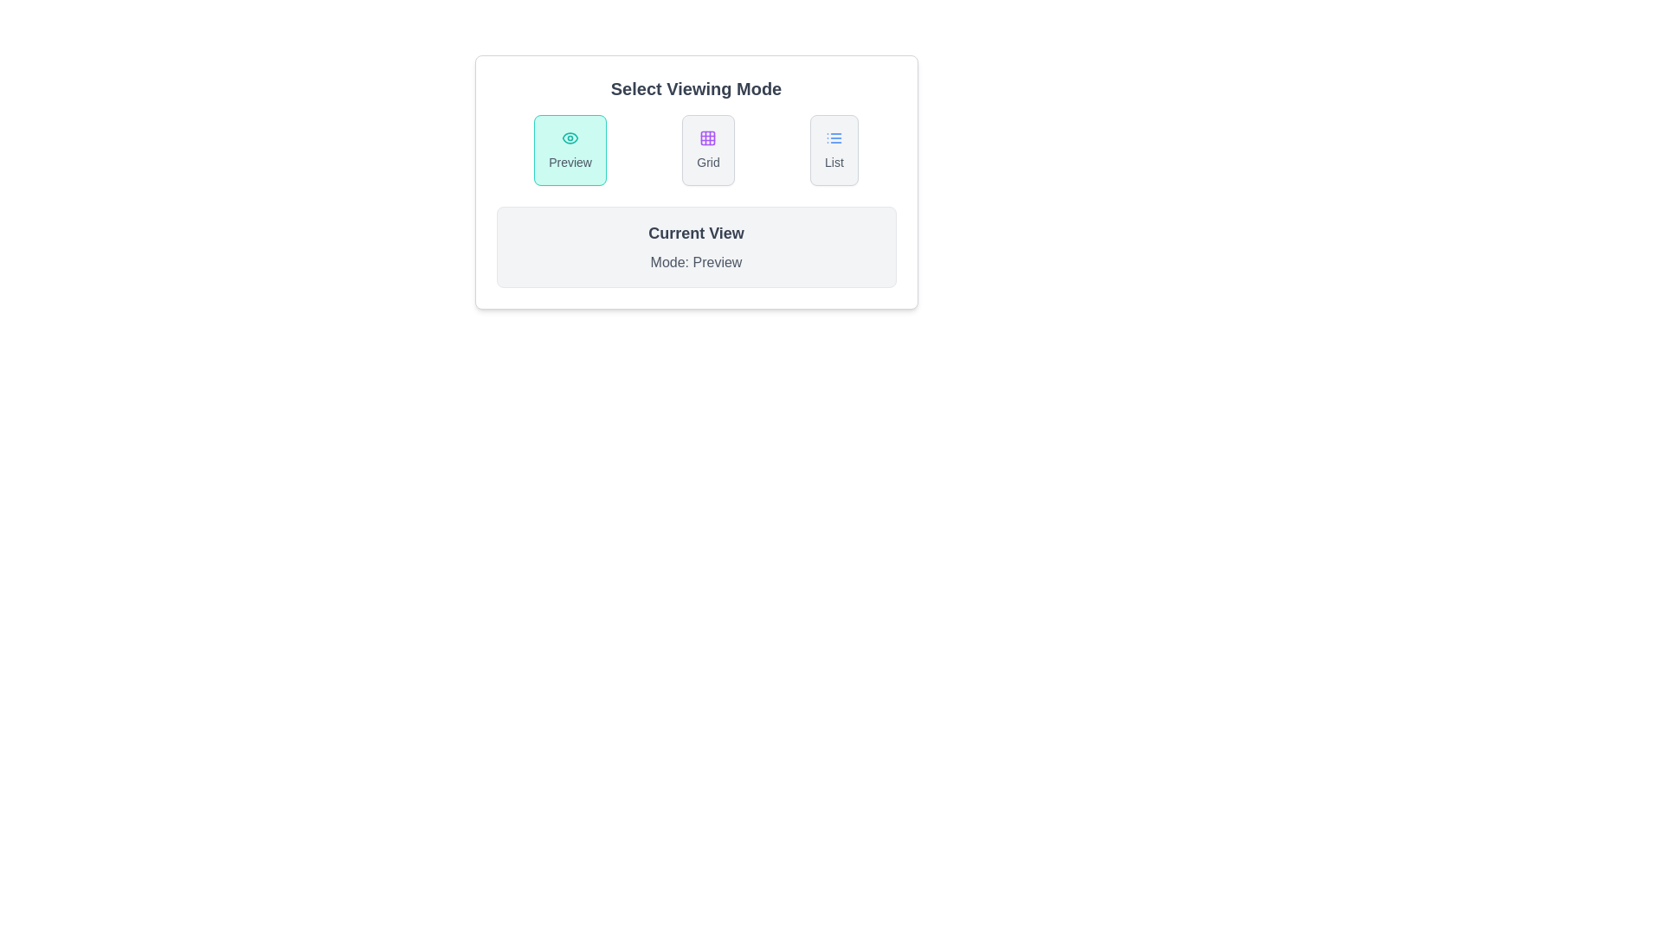 The image size is (1662, 934). I want to click on the purple grid icon, which is the middle button in the view mode selection section, consisting of a square divided into nine smaller squares, so click(708, 137).